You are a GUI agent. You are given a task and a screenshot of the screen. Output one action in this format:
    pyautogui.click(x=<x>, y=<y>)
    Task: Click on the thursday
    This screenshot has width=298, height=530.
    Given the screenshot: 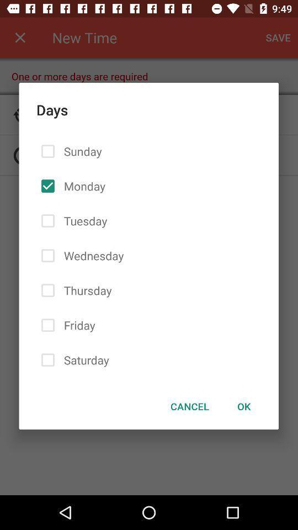 What is the action you would take?
    pyautogui.click(x=85, y=290)
    